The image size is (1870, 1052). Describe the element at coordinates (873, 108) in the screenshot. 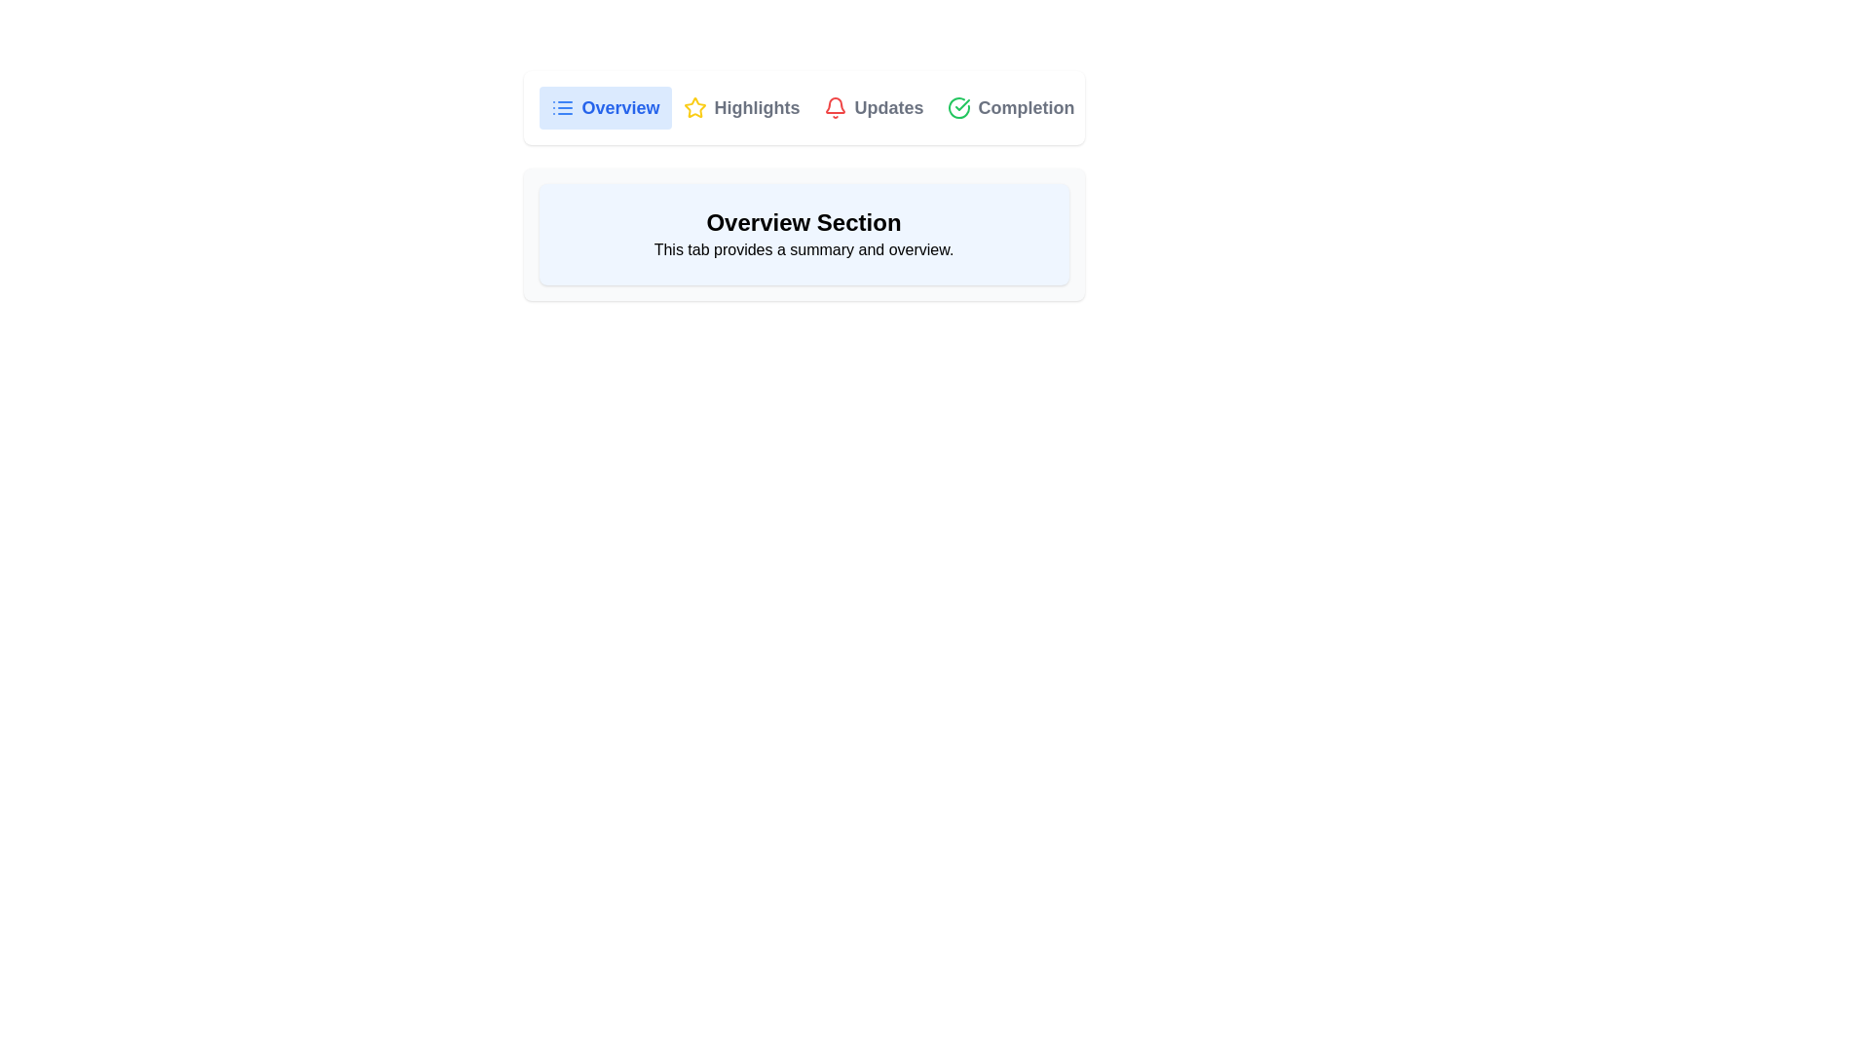

I see `the 'Updates' Interactive tab button located at the top-center of the interface` at that location.